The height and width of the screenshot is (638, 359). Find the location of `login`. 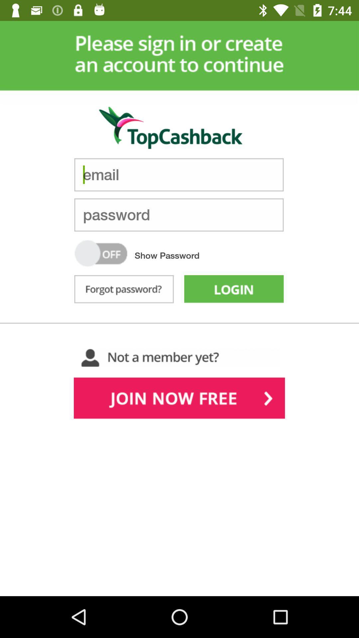

login is located at coordinates (233, 290).